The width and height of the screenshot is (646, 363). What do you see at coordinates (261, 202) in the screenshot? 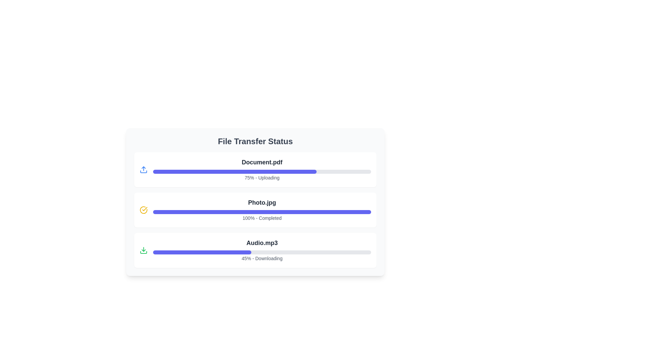
I see `the static text displaying the filename 'Photo.jpg' which is located in the second section of the file transfer list, above the progress bar and the text '100% - Completed'` at bounding box center [261, 202].